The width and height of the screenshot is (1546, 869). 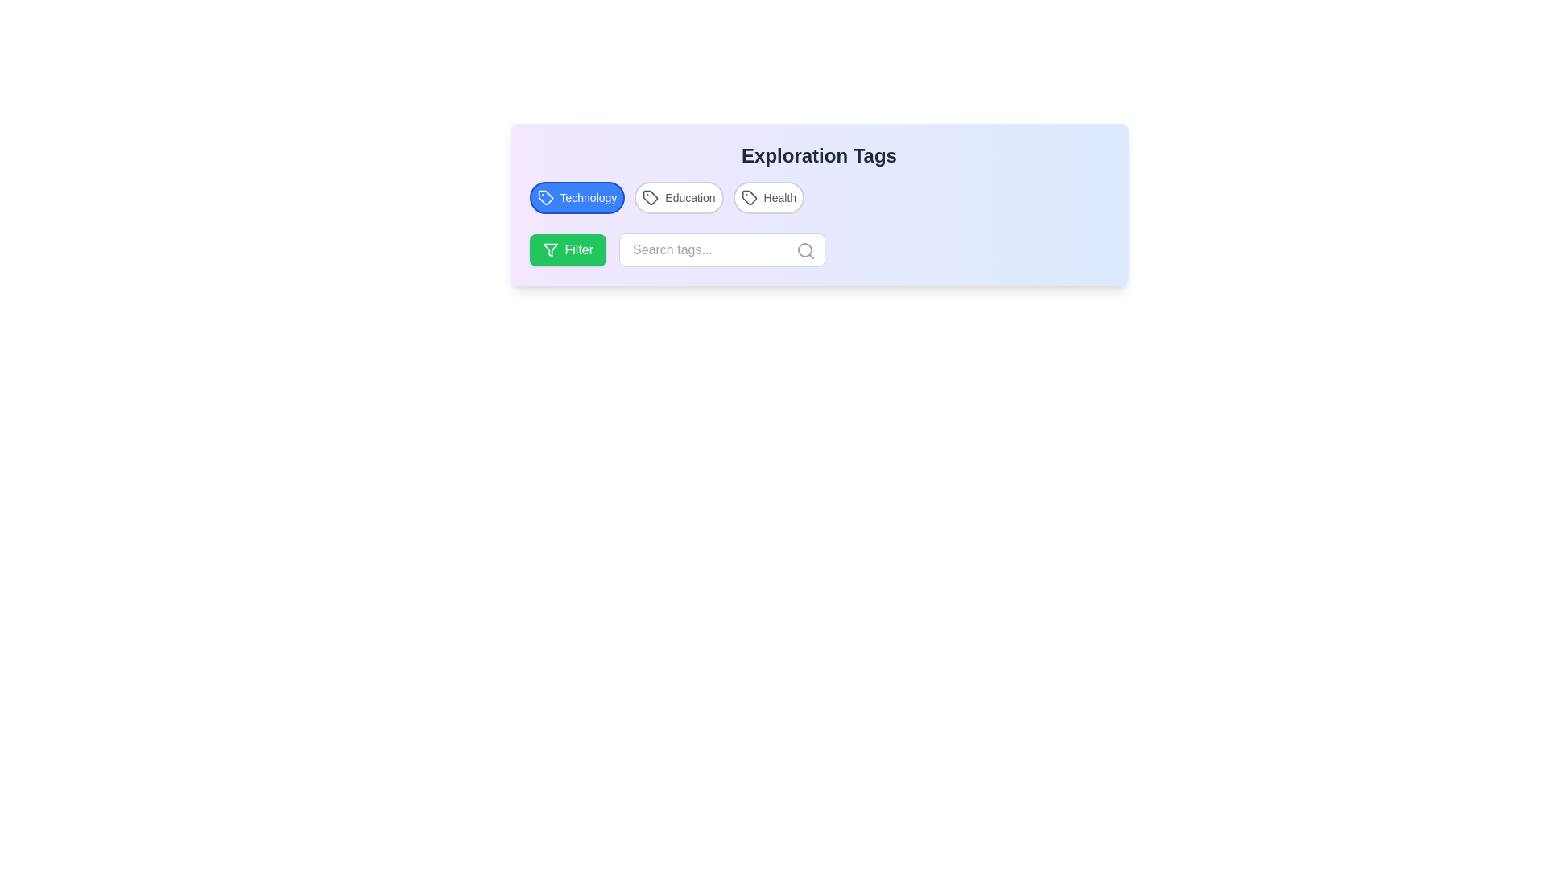 What do you see at coordinates (568, 250) in the screenshot?
I see `the filter button` at bounding box center [568, 250].